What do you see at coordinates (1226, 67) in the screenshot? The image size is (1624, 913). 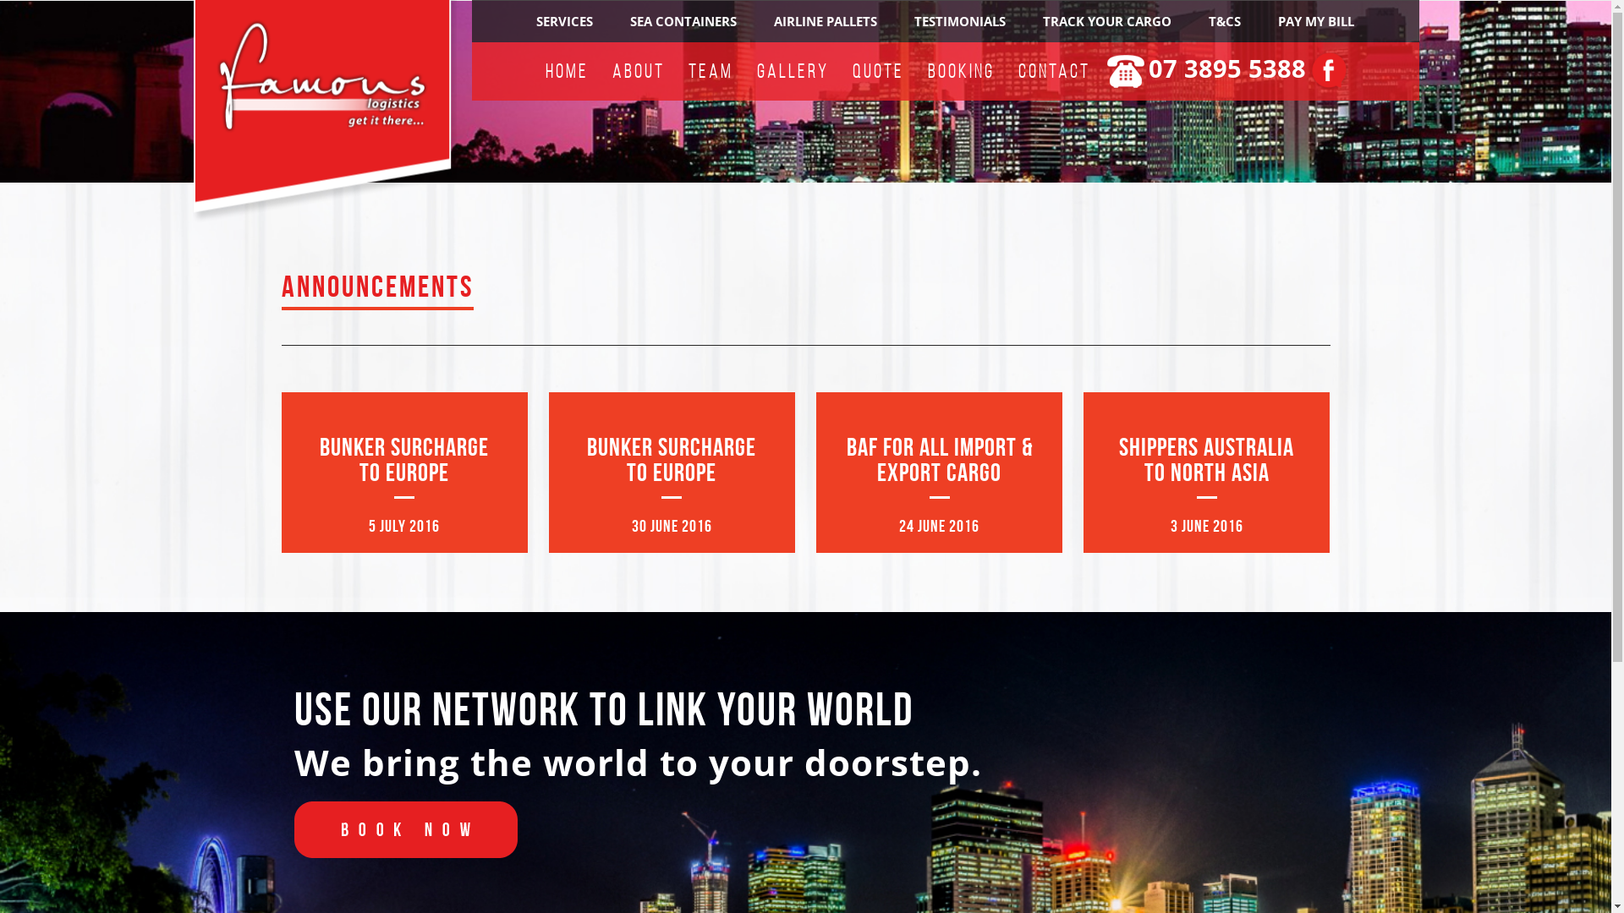 I see `'07 3895 5388'` at bounding box center [1226, 67].